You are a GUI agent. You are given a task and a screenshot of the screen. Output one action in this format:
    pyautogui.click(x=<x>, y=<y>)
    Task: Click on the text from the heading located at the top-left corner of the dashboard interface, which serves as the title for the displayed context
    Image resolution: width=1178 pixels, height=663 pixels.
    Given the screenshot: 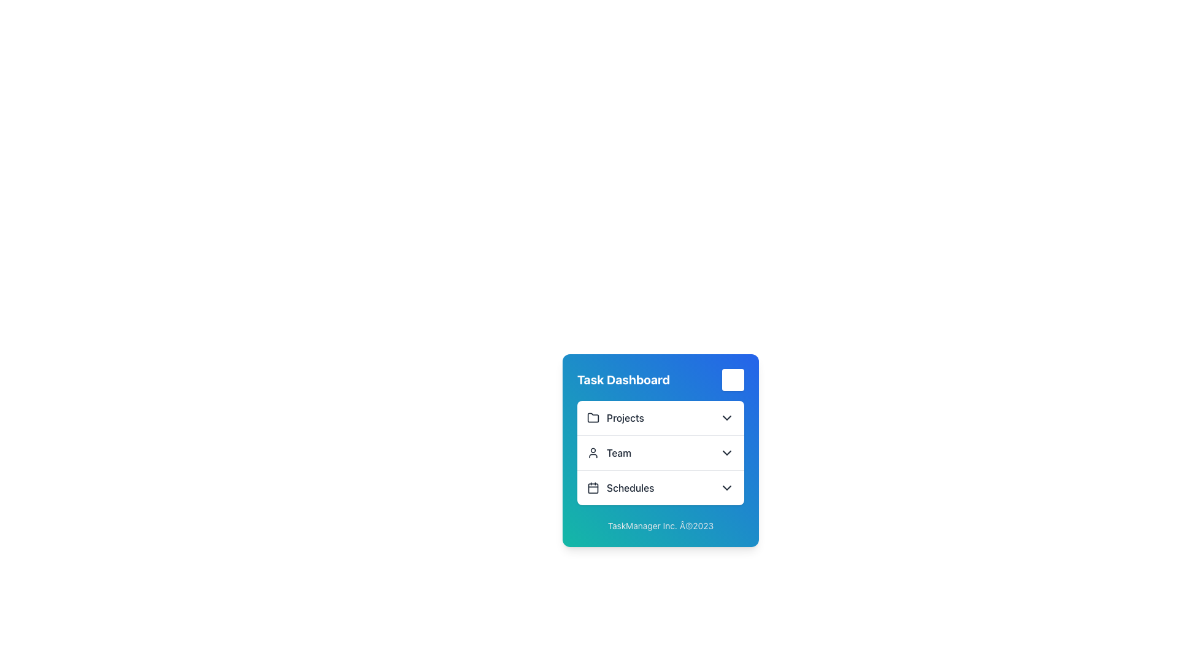 What is the action you would take?
    pyautogui.click(x=623, y=379)
    